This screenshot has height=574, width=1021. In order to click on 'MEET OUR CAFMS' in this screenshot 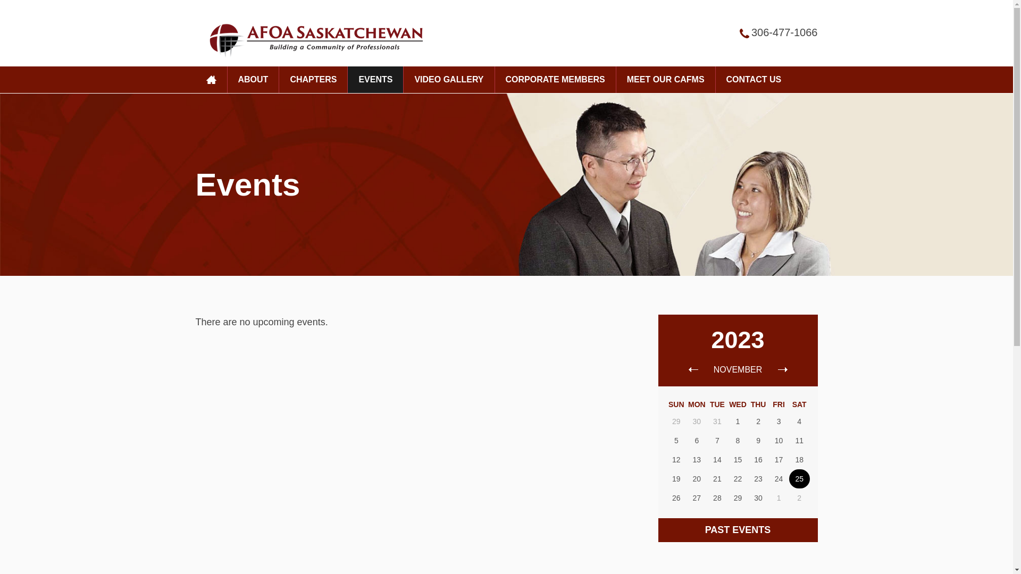, I will do `click(665, 79)`.